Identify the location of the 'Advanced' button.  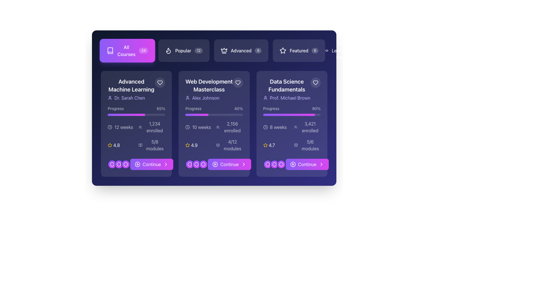
(214, 51).